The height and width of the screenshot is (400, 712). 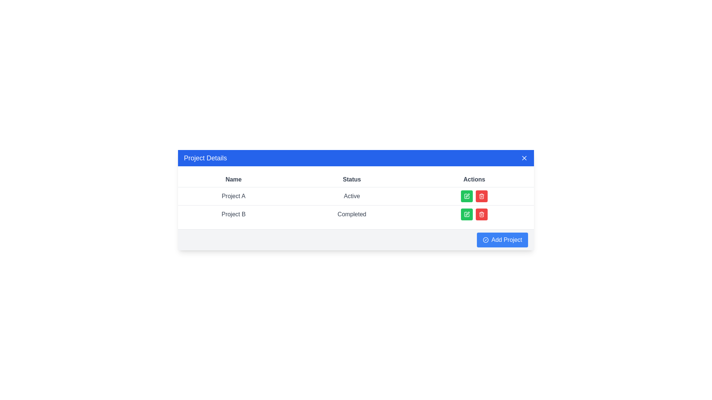 I want to click on the circular boundary indicator within the SVG graphic, located at the center of the check mark icon adjacent to the 'Completed' label in the 'Status' column of the second row of the table, so click(x=485, y=240).